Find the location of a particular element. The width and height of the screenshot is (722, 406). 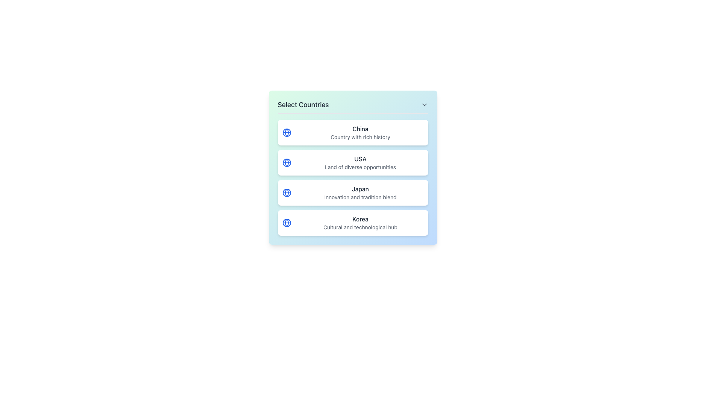

the first globe icon with a blue outline located left to the text 'China' within the selection card is located at coordinates (286, 132).